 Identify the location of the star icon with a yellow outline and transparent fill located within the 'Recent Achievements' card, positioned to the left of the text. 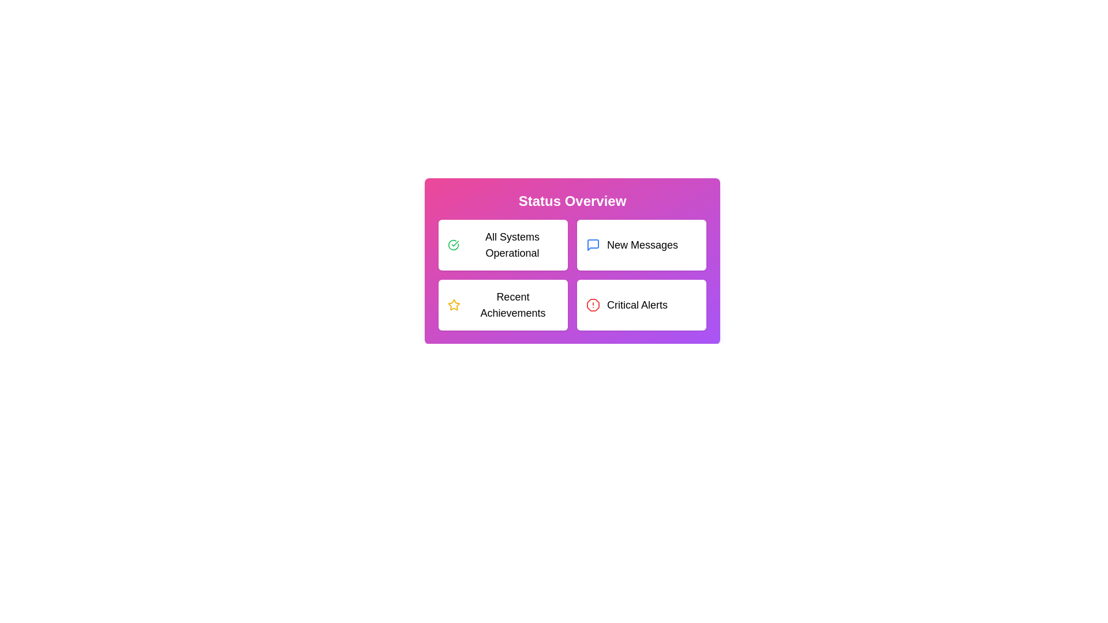
(453, 304).